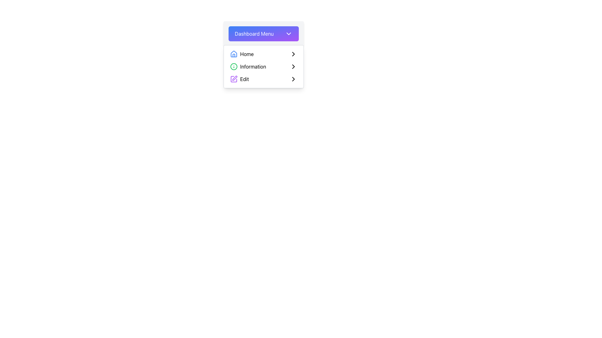 The width and height of the screenshot is (602, 338). I want to click on the 'Information' menu item, which is a rectangular item with an 'i' icon in a green circle on the left and a right-facing arrow on the right, positioned below the 'Home' item in the vertical menu, so click(263, 66).